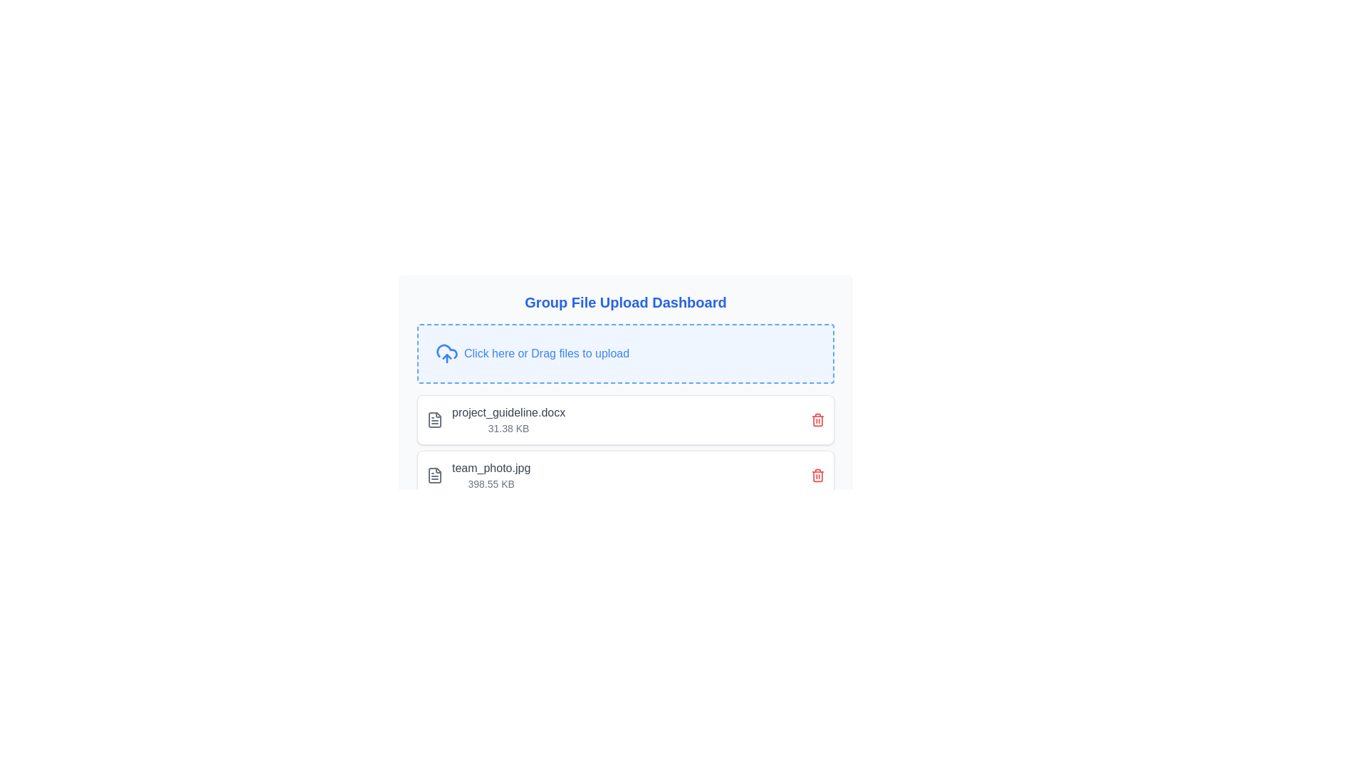  I want to click on to view details about the file in the File list display section, which includes 'project_guideline.docx' and 'team_photo.jpg', so click(625, 446).